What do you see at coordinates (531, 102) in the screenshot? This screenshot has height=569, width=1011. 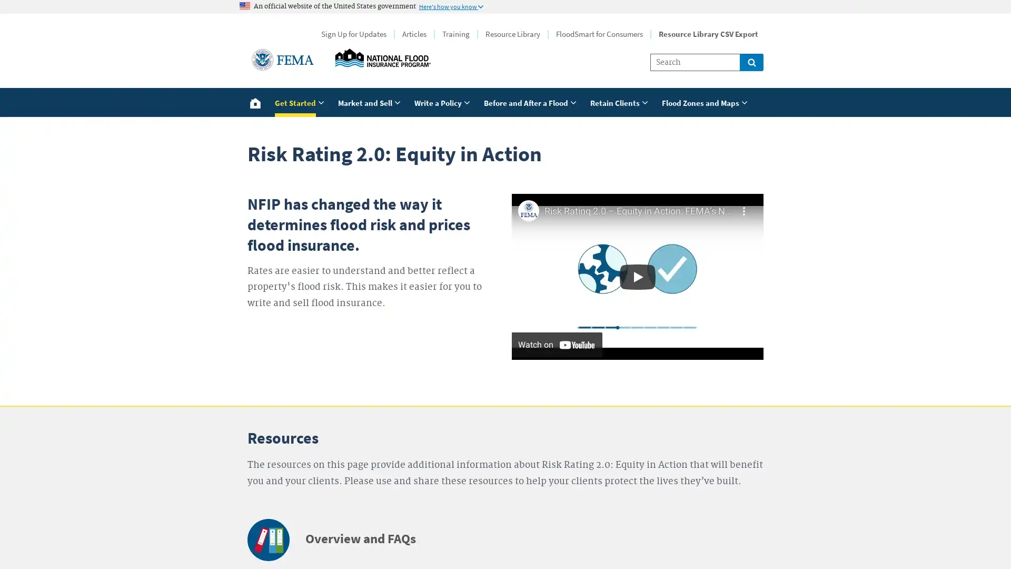 I see `Use <enter> and shift + <enter> to open and close the drop down to sub-menus` at bounding box center [531, 102].